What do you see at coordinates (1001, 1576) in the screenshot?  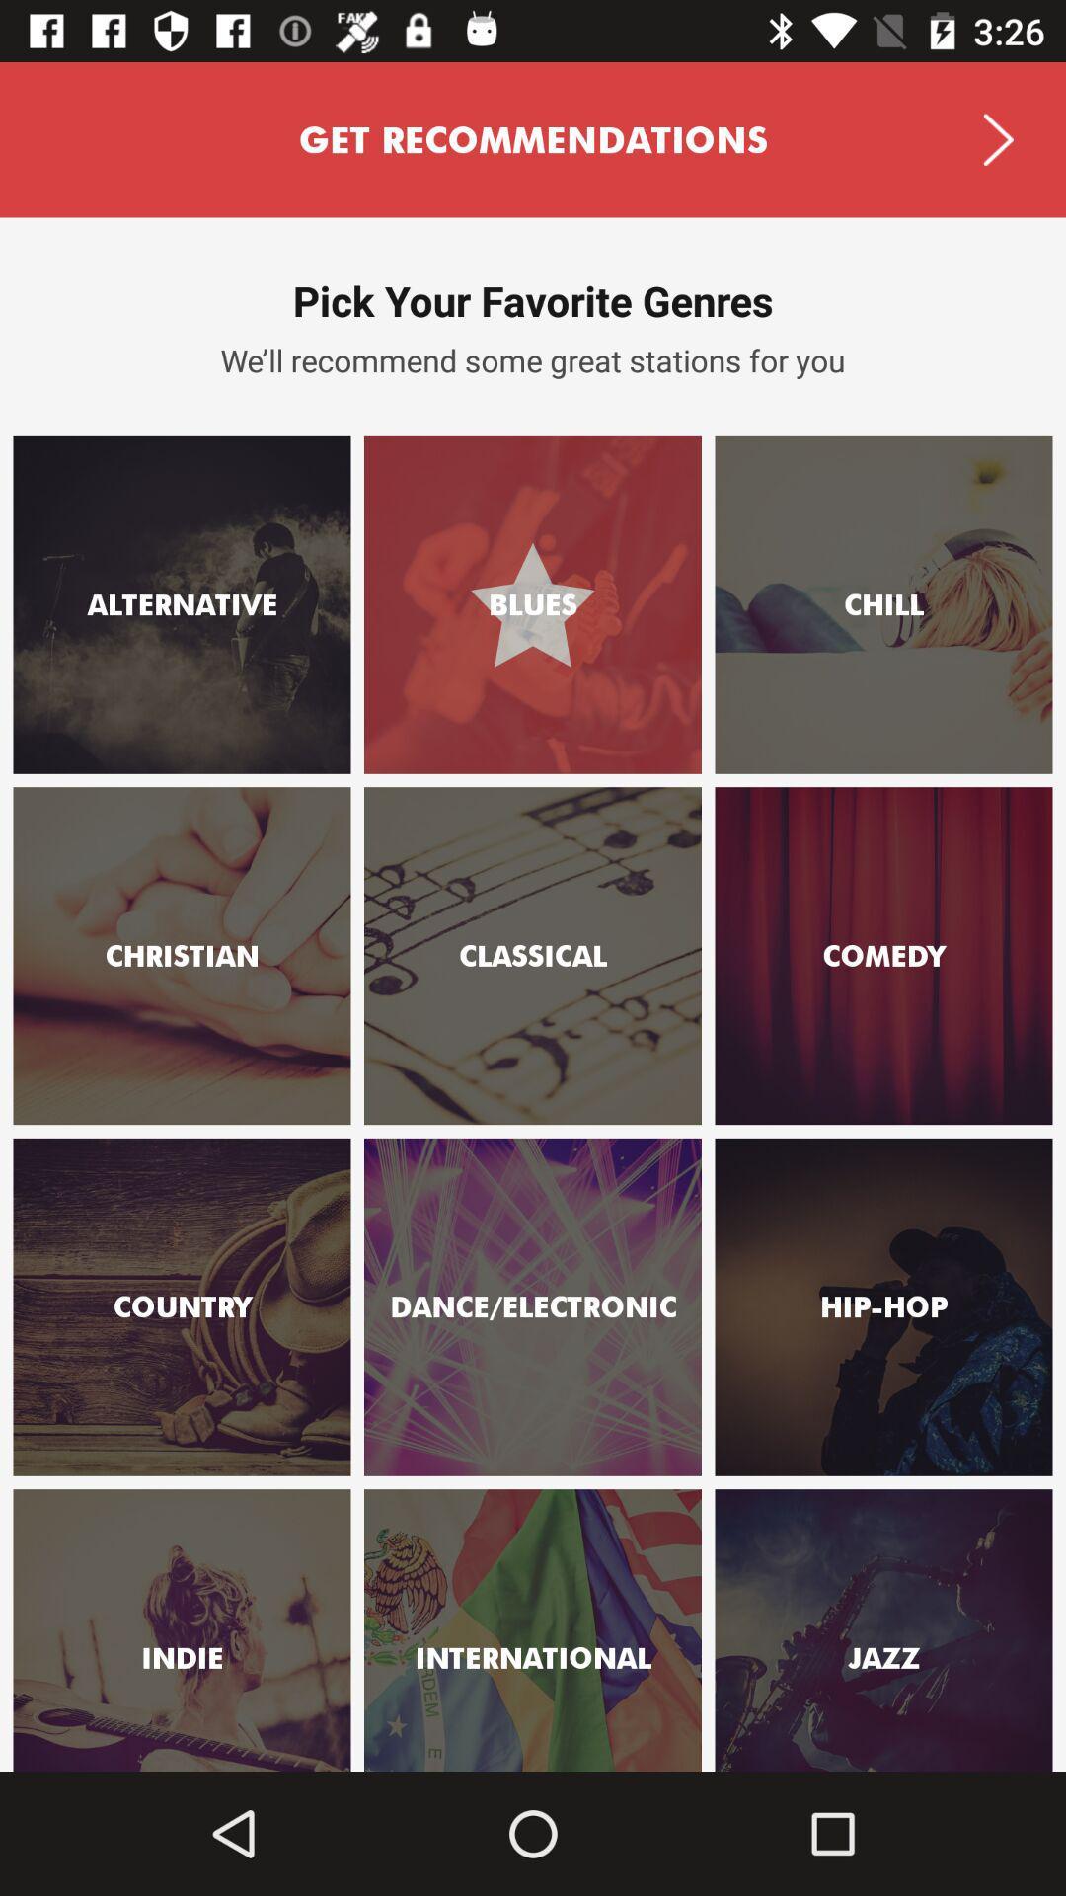 I see `the star icon` at bounding box center [1001, 1576].